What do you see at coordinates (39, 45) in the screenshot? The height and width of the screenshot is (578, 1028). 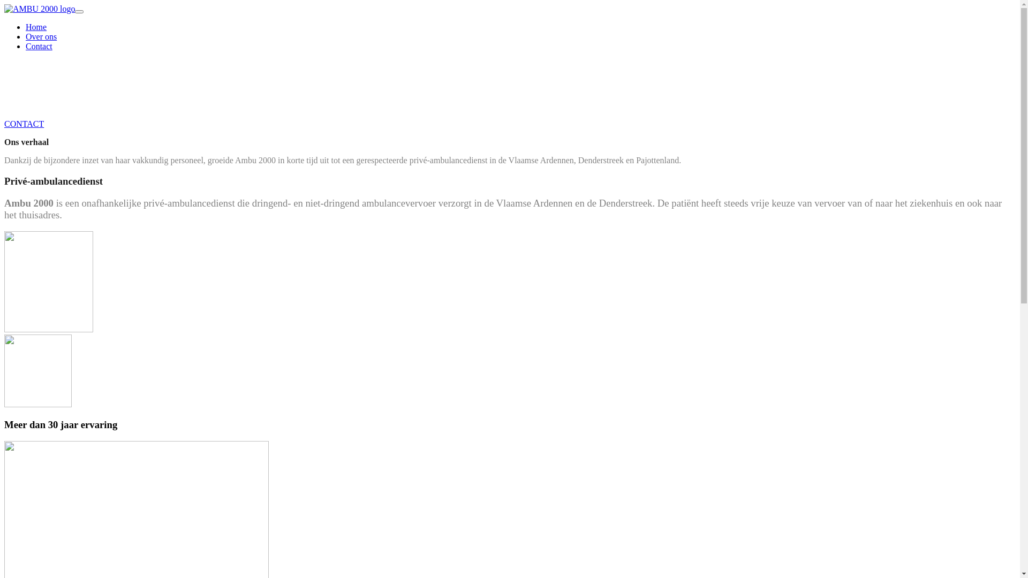 I see `'Contact'` at bounding box center [39, 45].